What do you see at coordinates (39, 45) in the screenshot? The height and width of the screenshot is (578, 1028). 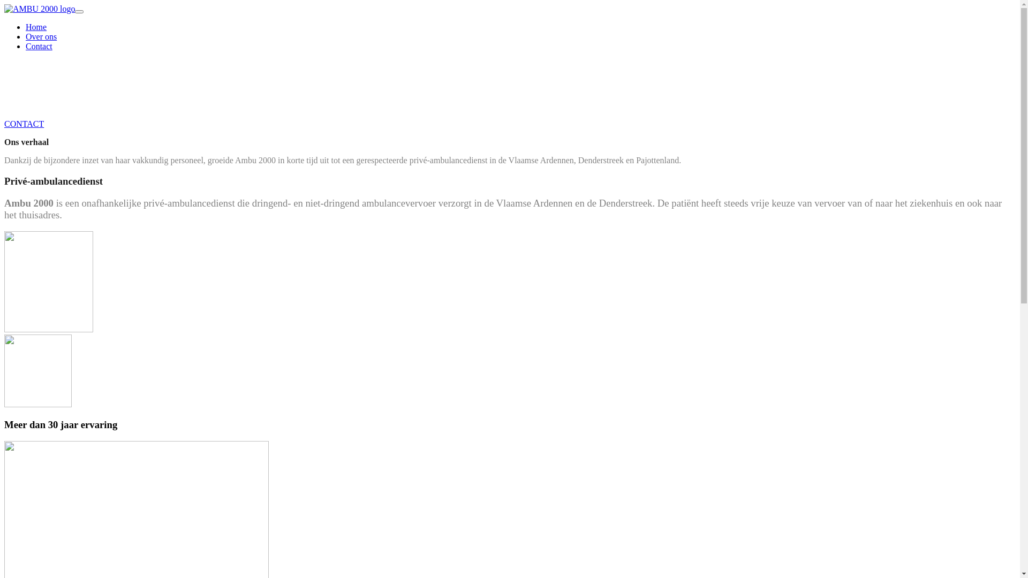 I see `'Contact'` at bounding box center [39, 45].